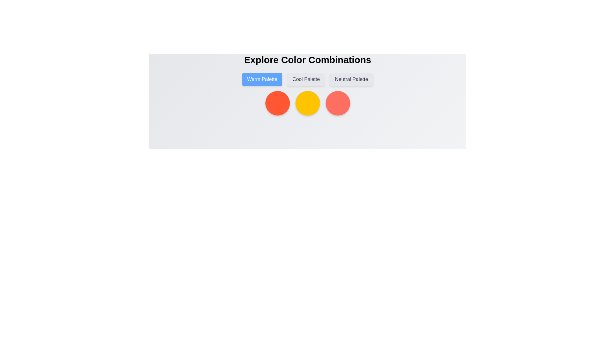 This screenshot has width=603, height=339. Describe the element at coordinates (307, 103) in the screenshot. I see `the second circular element with a vivid yellow background, located in the middle of a row of three circular elements` at that location.